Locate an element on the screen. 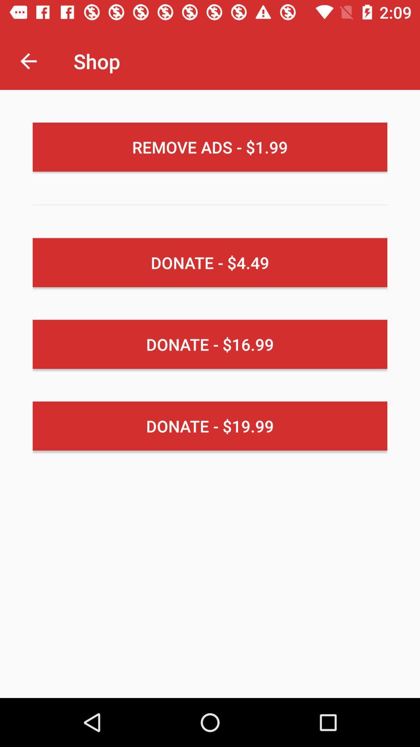  the icon to the left of the shop is located at coordinates (28, 61).